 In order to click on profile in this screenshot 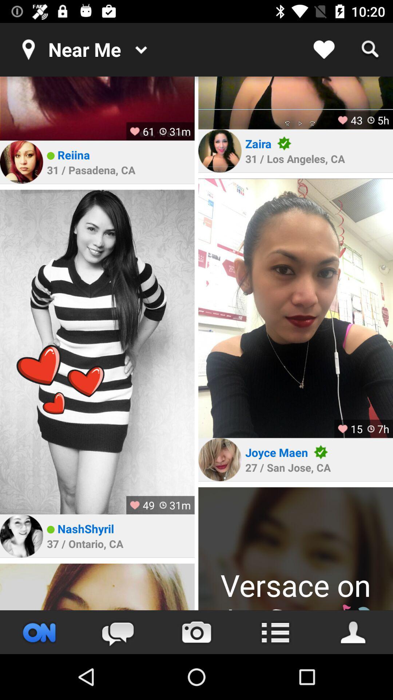, I will do `click(295, 102)`.